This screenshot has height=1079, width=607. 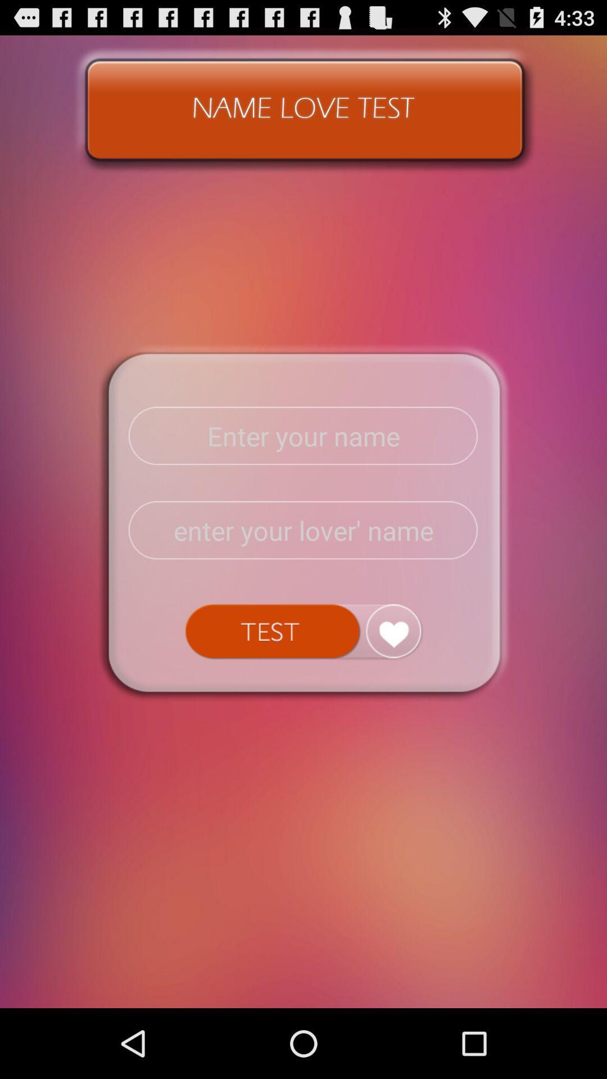 What do you see at coordinates (303, 530) in the screenshot?
I see `lover 's name` at bounding box center [303, 530].